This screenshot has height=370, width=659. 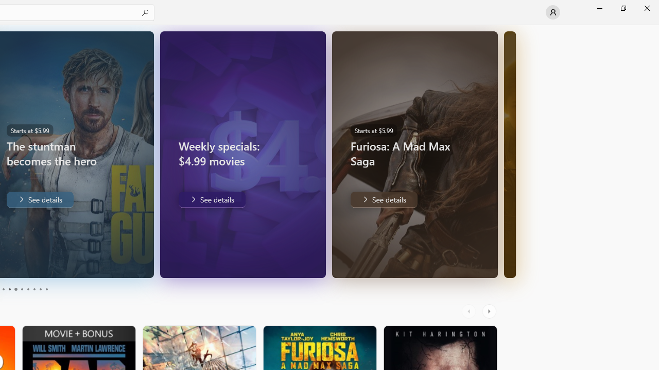 I want to click on 'Page 5', so click(x=15, y=289).